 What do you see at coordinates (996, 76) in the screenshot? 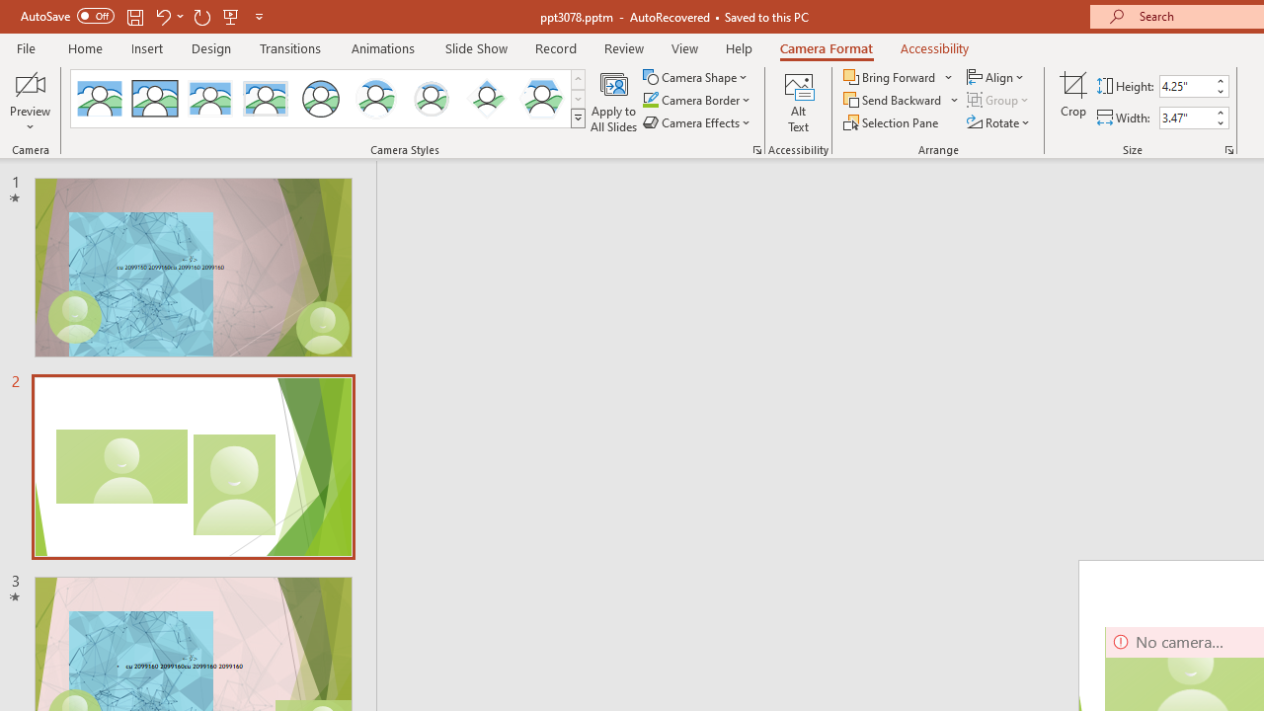
I see `'Align'` at bounding box center [996, 76].